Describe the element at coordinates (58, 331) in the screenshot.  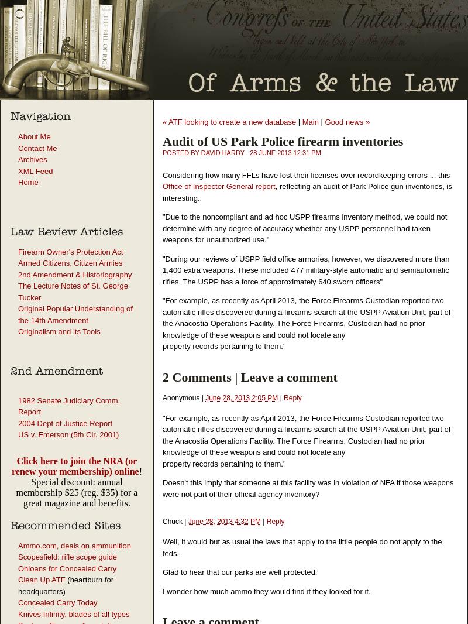
I see `'Originalism and its Tools'` at that location.